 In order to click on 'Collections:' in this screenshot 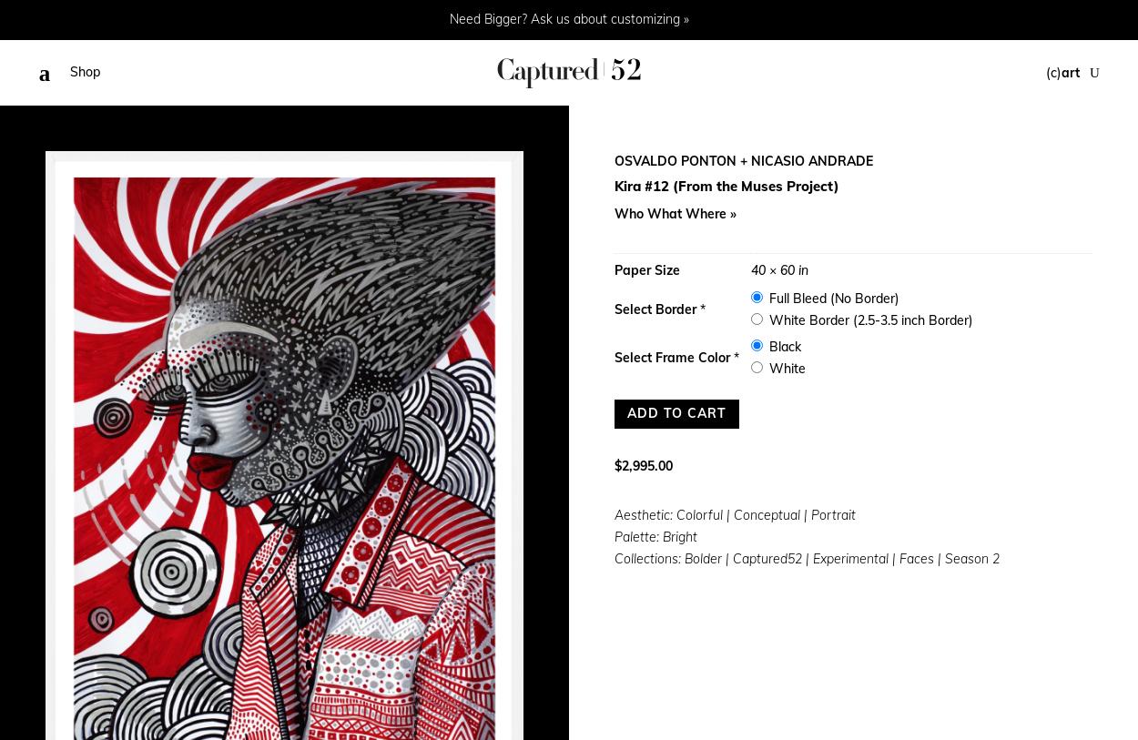, I will do `click(648, 558)`.